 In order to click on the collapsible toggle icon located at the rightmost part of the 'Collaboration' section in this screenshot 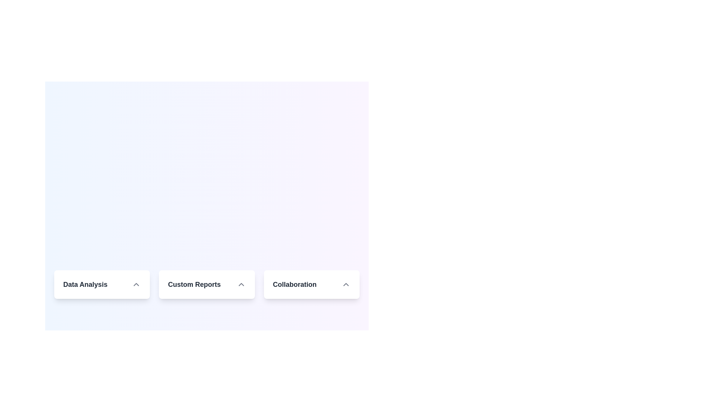, I will do `click(345, 284)`.